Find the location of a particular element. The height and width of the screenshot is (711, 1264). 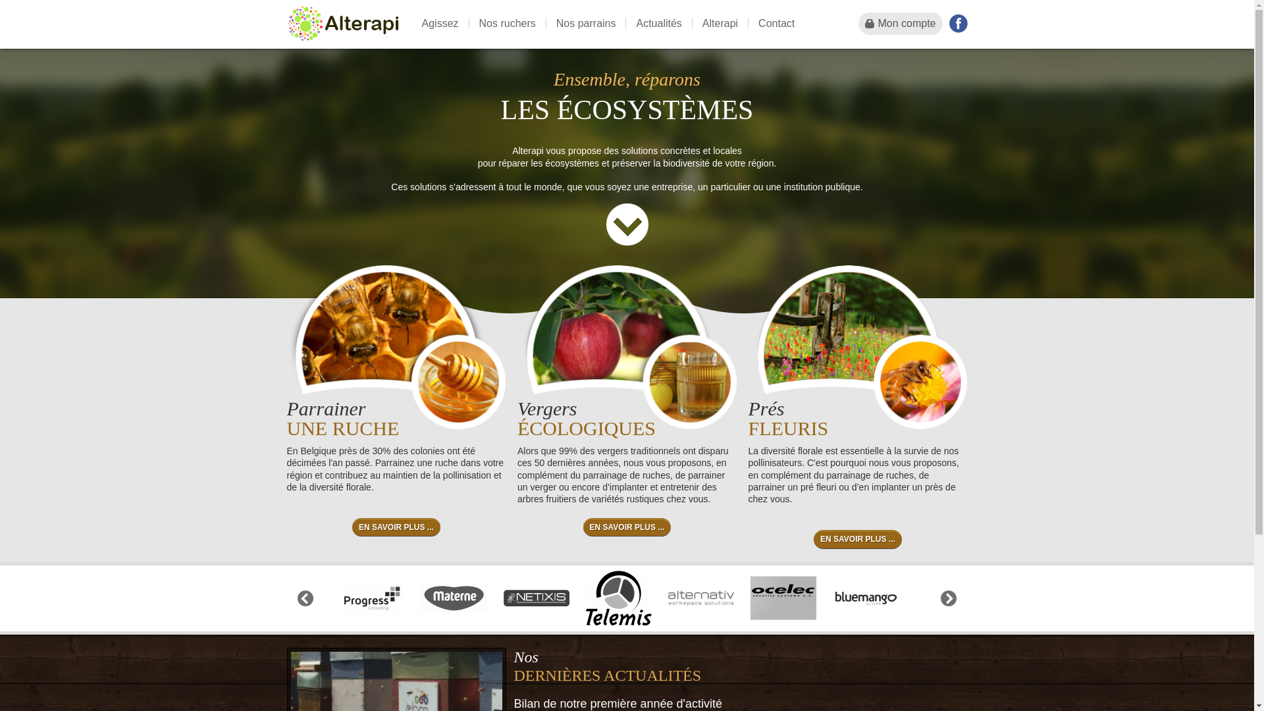

'netixis' is located at coordinates (537, 598).